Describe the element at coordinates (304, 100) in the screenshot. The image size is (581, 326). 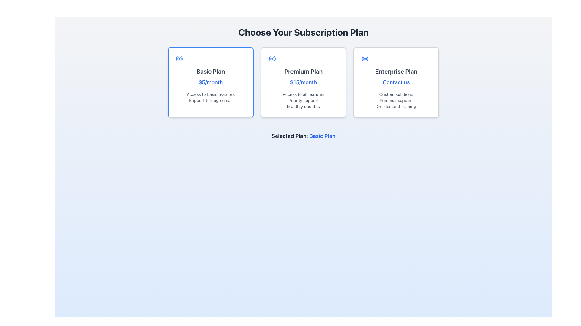
I see `text block detailing features of the Premium Plan, located below the '$15/month' price text in the subscription selection interface` at that location.